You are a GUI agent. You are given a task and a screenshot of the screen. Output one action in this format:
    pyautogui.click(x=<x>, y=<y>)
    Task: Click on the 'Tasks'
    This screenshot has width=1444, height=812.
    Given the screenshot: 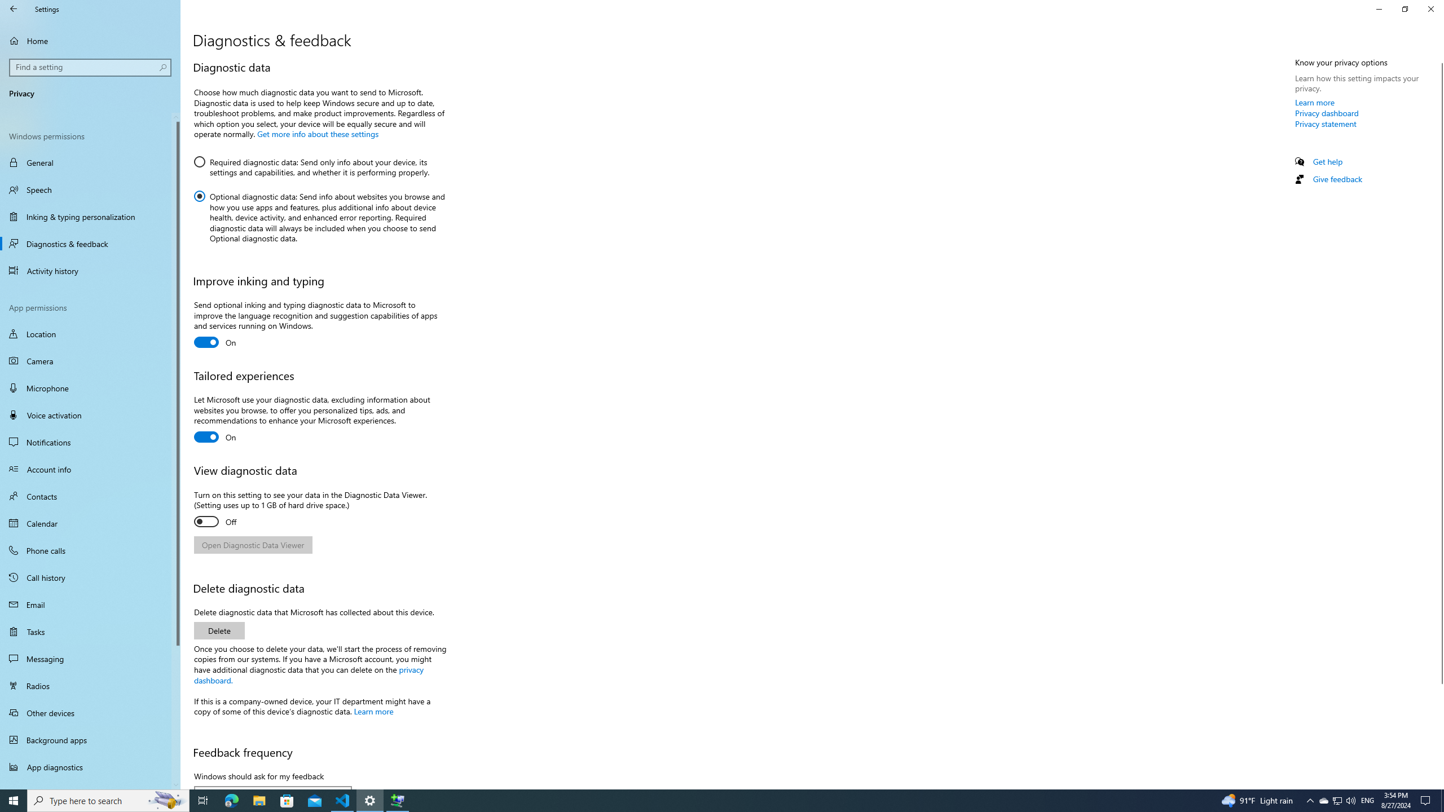 What is the action you would take?
    pyautogui.click(x=90, y=630)
    